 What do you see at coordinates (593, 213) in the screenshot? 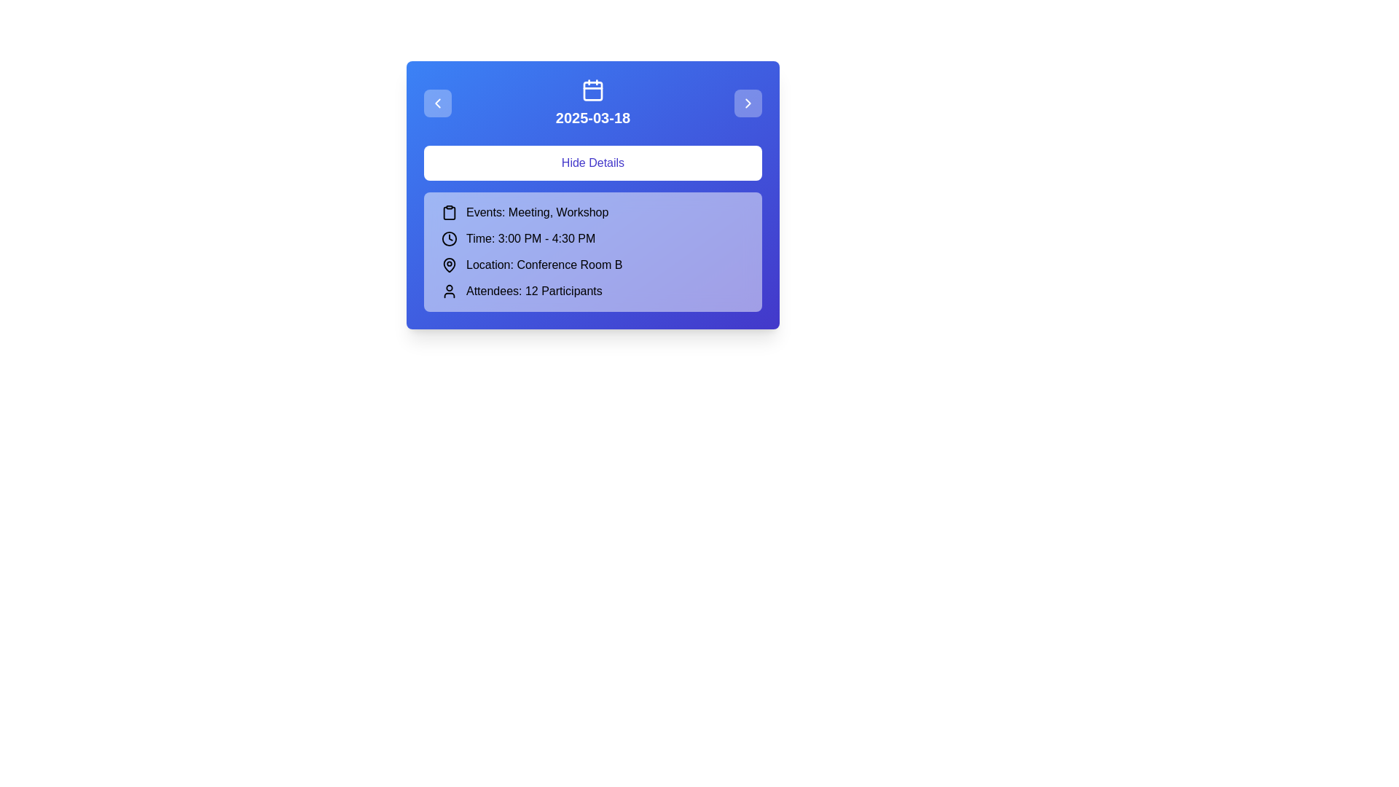
I see `the text element 'Events: Meeting, Workshop' with a calendar icon on its left, which is positioned near the top-left corner of the panel` at bounding box center [593, 213].